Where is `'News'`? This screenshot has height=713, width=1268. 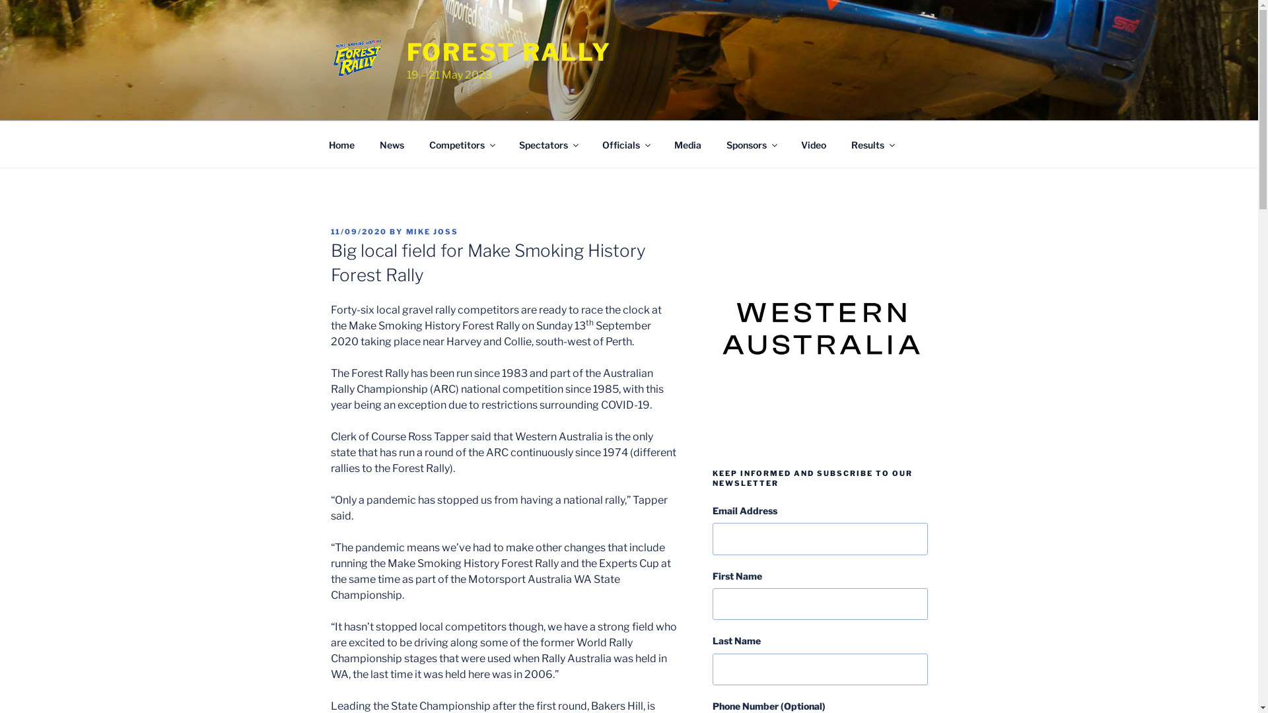 'News' is located at coordinates (392, 144).